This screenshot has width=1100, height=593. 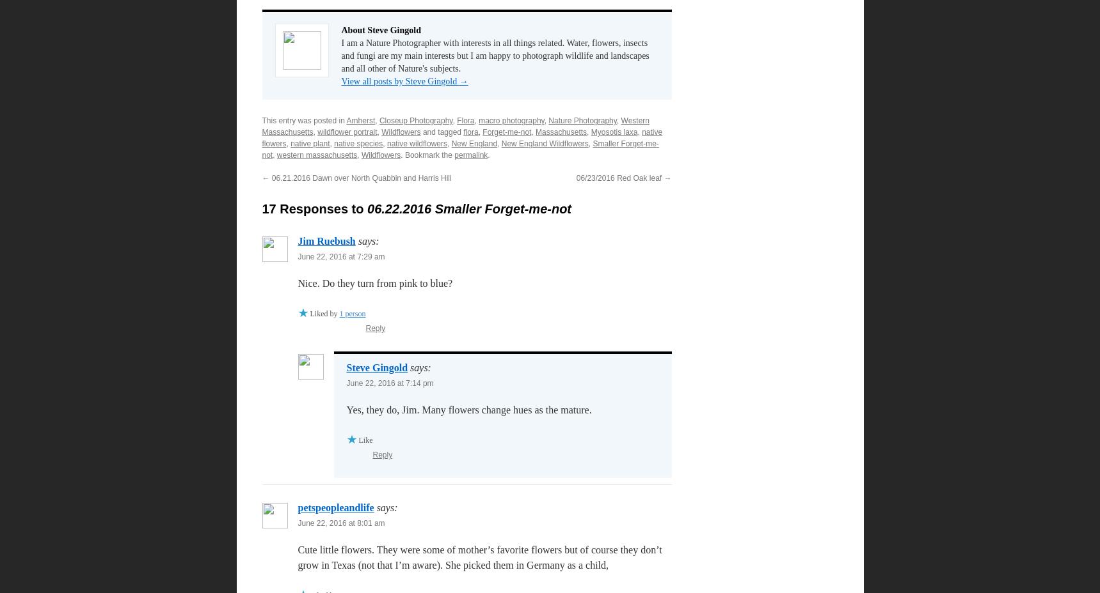 I want to click on 'Like', so click(x=358, y=440).